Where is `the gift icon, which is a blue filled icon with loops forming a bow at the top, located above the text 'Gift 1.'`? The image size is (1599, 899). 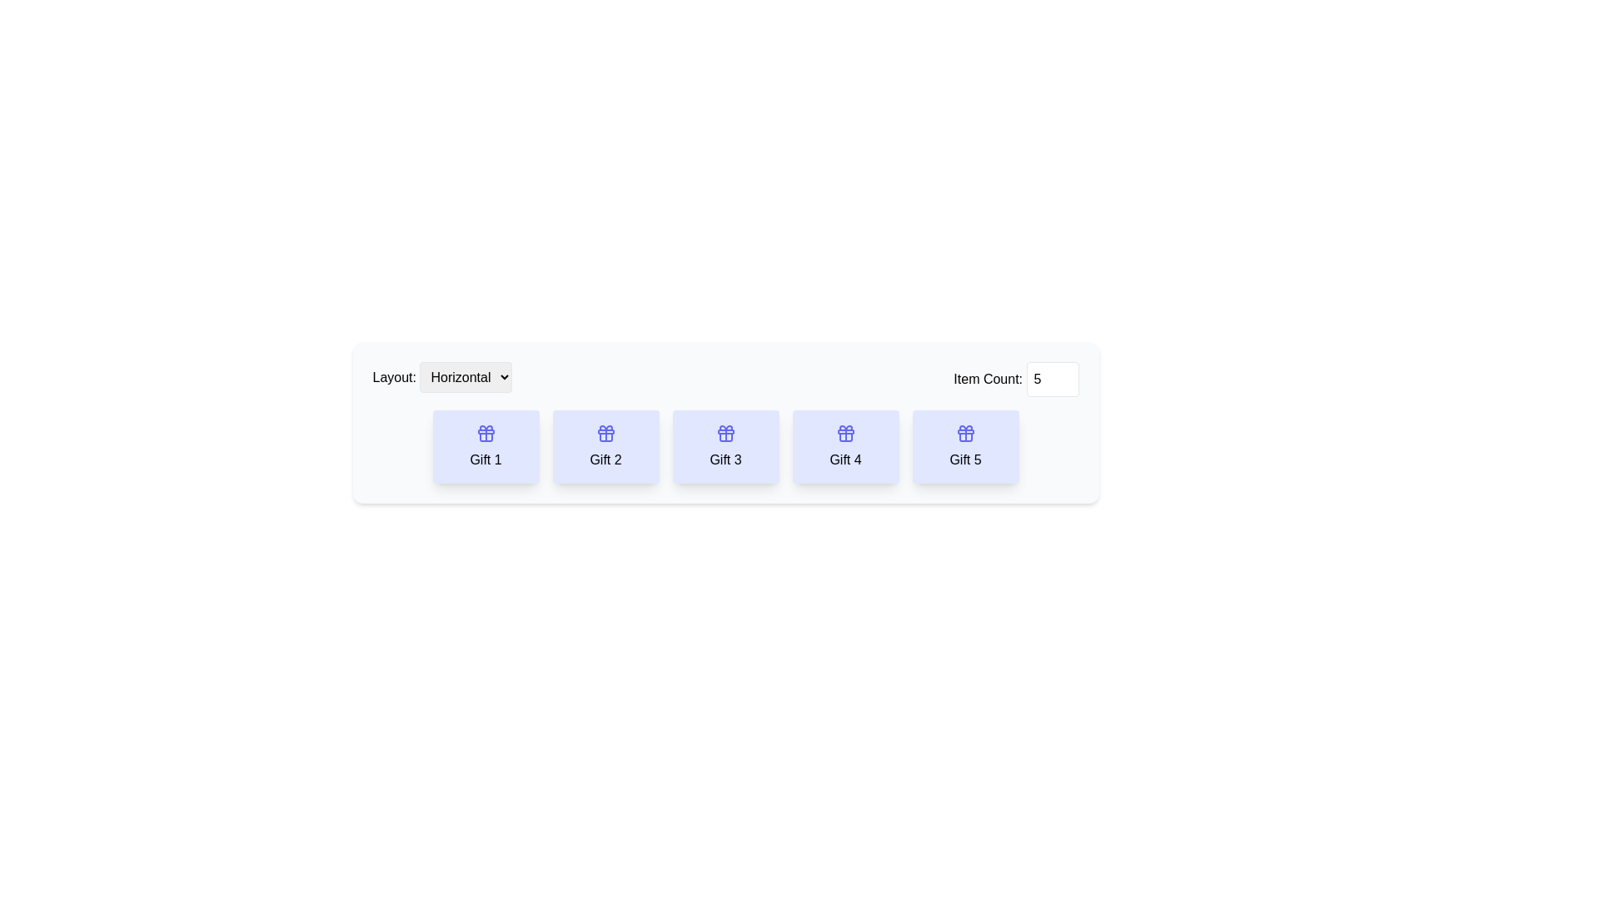
the gift icon, which is a blue filled icon with loops forming a bow at the top, located above the text 'Gift 1.' is located at coordinates (485, 432).